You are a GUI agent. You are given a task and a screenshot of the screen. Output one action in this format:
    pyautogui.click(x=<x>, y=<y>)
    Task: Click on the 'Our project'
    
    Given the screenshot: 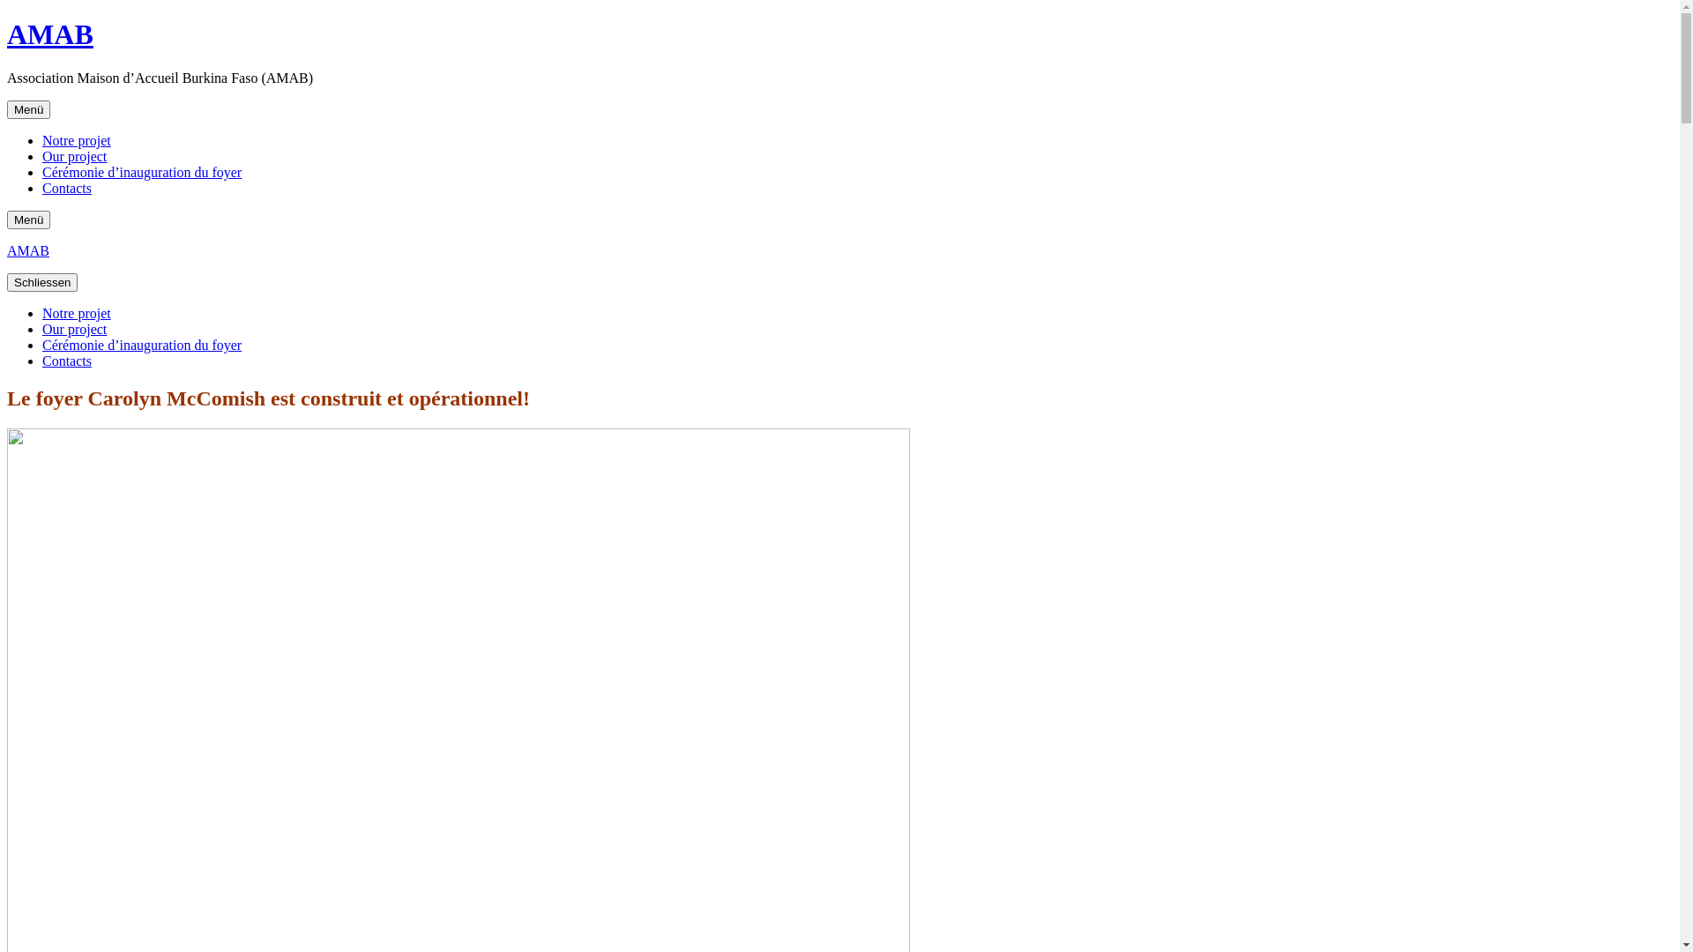 What is the action you would take?
    pyautogui.click(x=73, y=155)
    